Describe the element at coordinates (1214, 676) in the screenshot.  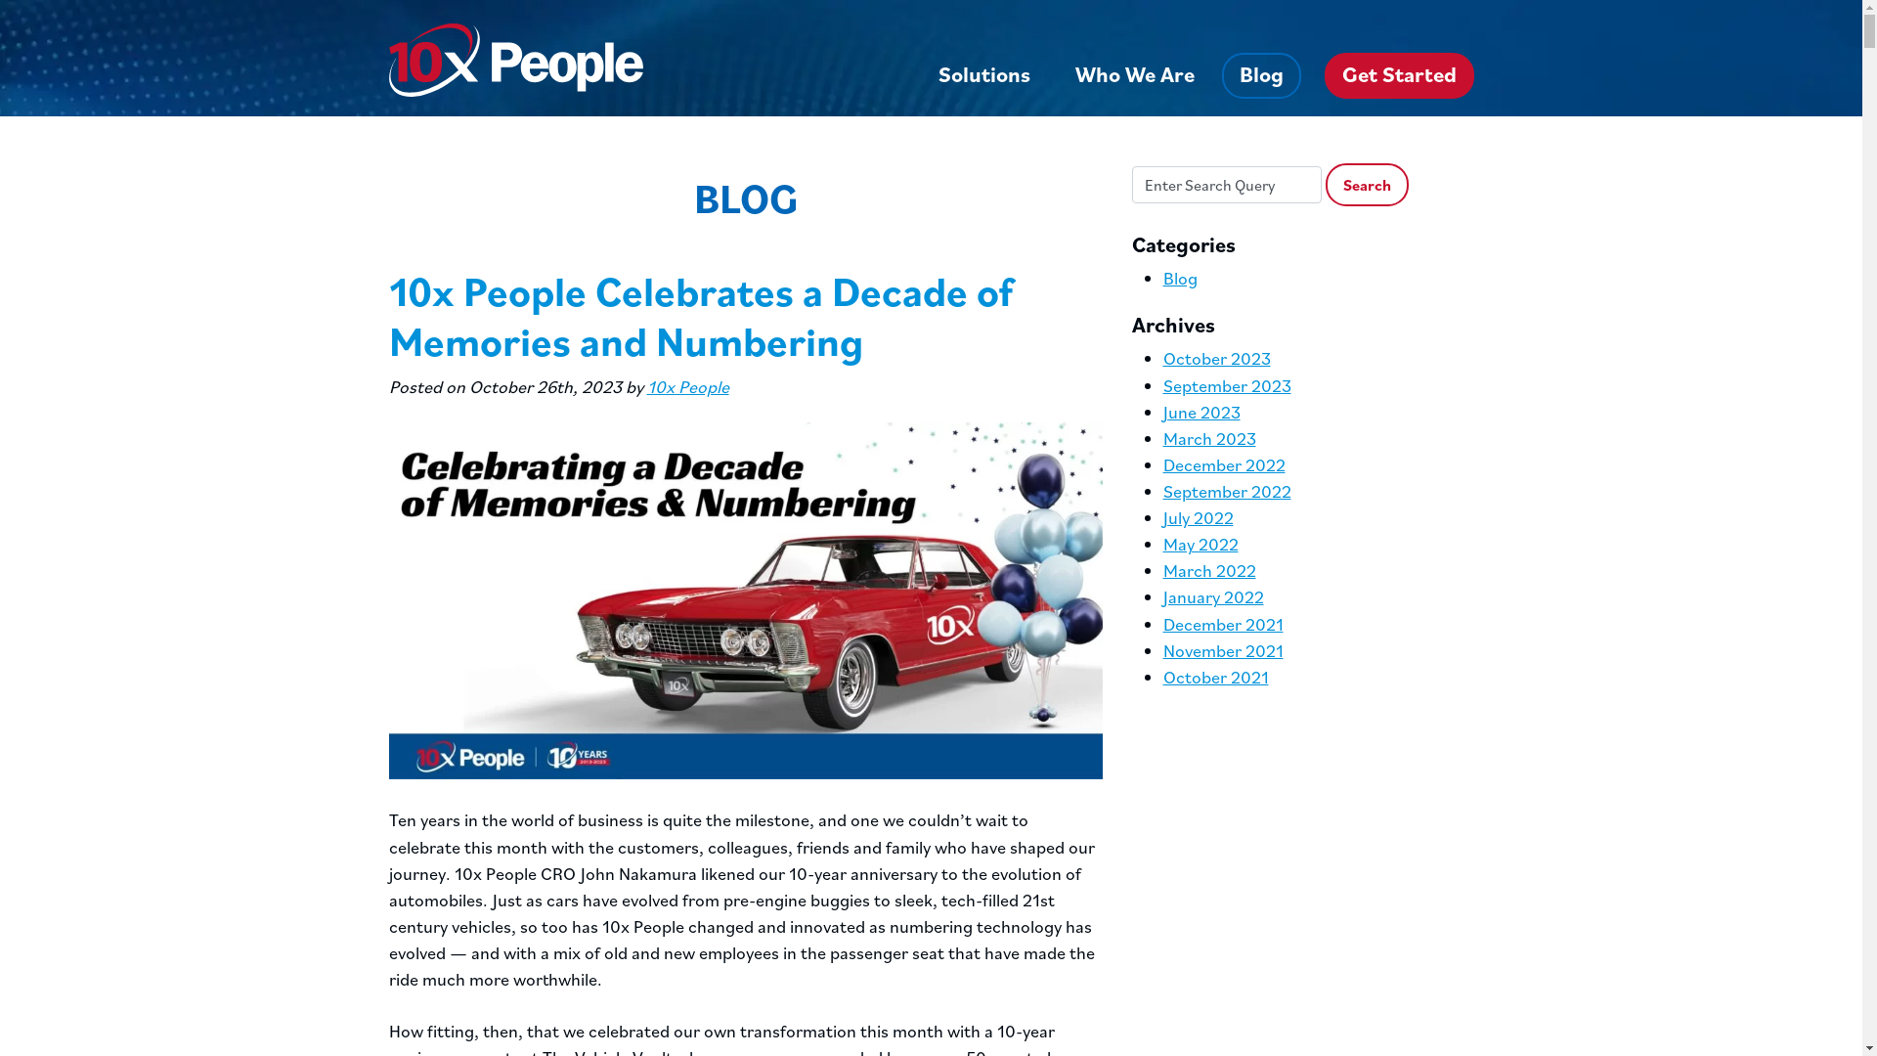
I see `'October 2021'` at that location.